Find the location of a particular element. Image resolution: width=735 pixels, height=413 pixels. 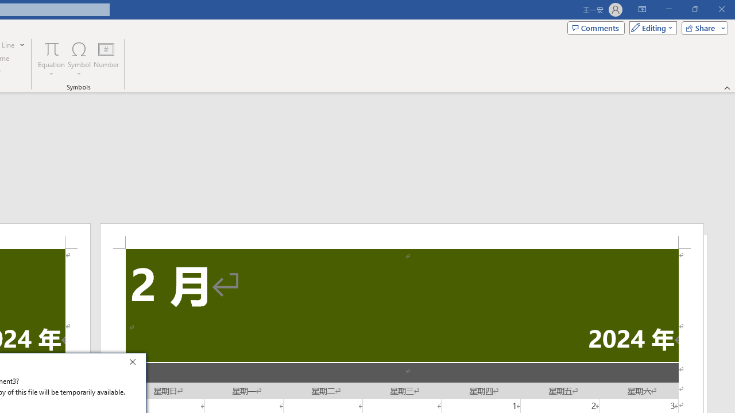

'Ribbon Display Options' is located at coordinates (641, 9).